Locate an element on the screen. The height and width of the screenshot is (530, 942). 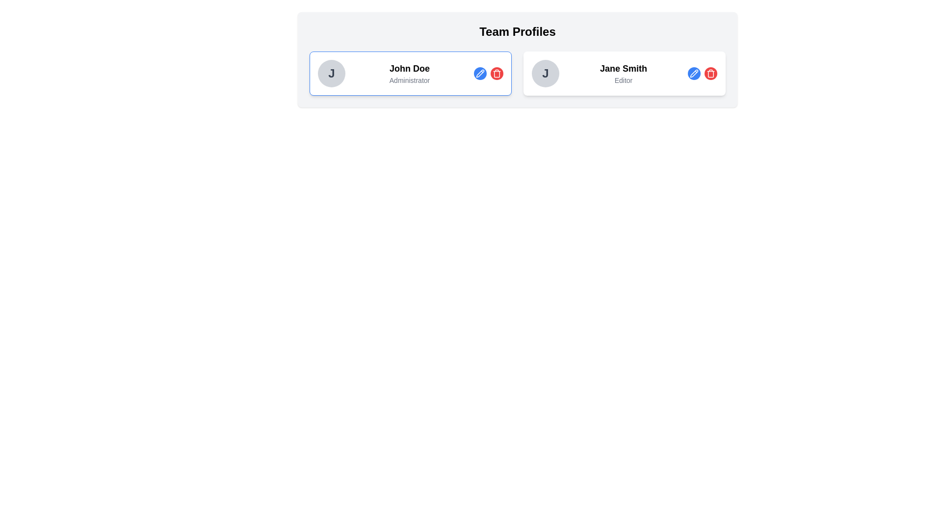
the edit icon located to the right of the user's name 'John Doe' is located at coordinates (480, 73).